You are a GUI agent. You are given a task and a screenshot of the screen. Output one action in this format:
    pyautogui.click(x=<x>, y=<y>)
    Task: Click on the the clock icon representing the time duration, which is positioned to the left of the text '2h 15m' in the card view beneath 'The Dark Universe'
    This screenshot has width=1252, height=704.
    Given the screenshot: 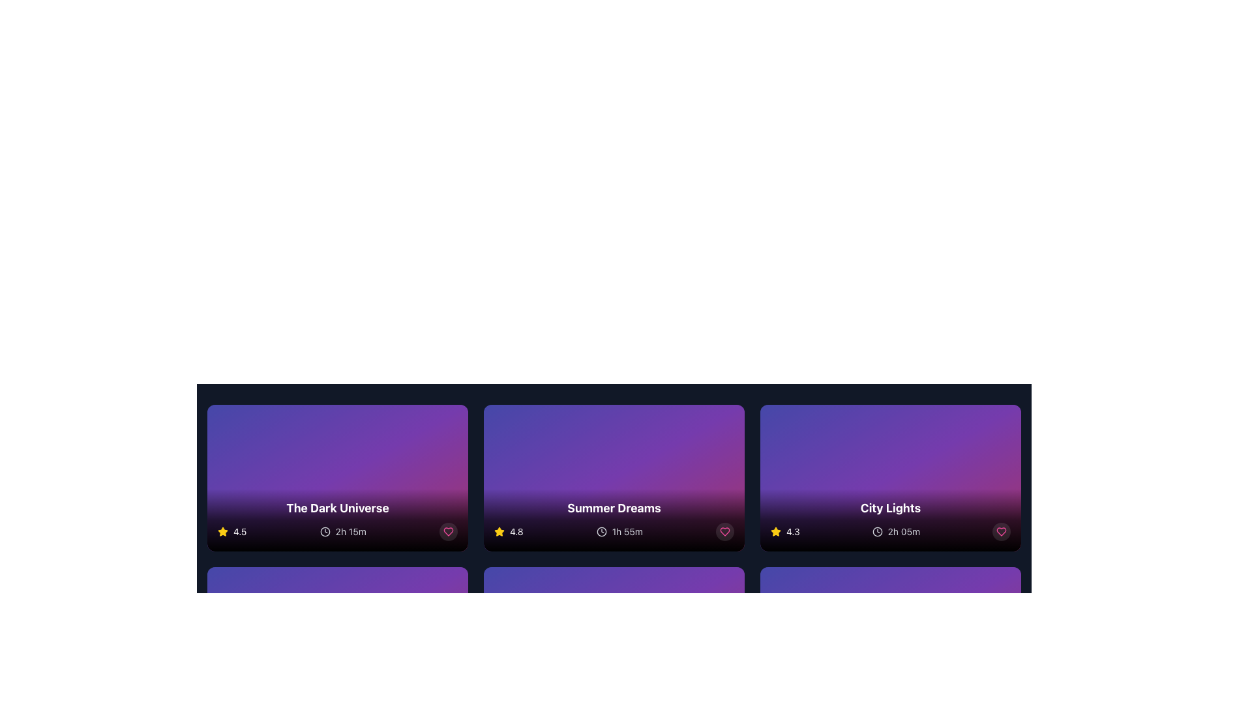 What is the action you would take?
    pyautogui.click(x=325, y=532)
    